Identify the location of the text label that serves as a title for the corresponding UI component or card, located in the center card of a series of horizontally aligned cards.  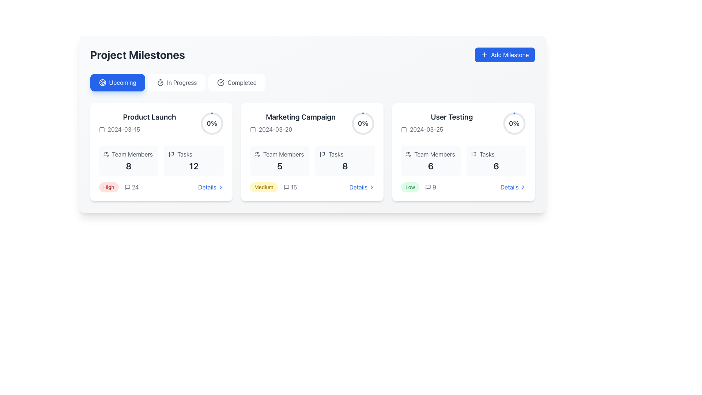
(301, 117).